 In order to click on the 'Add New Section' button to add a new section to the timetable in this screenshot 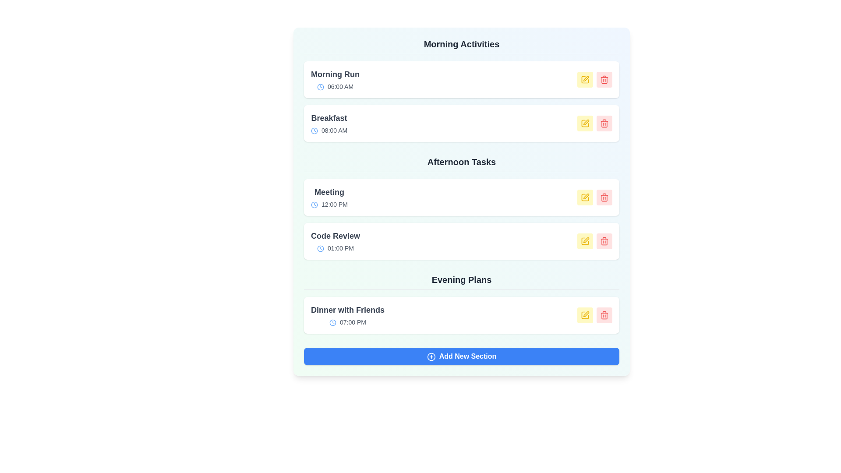, I will do `click(461, 356)`.